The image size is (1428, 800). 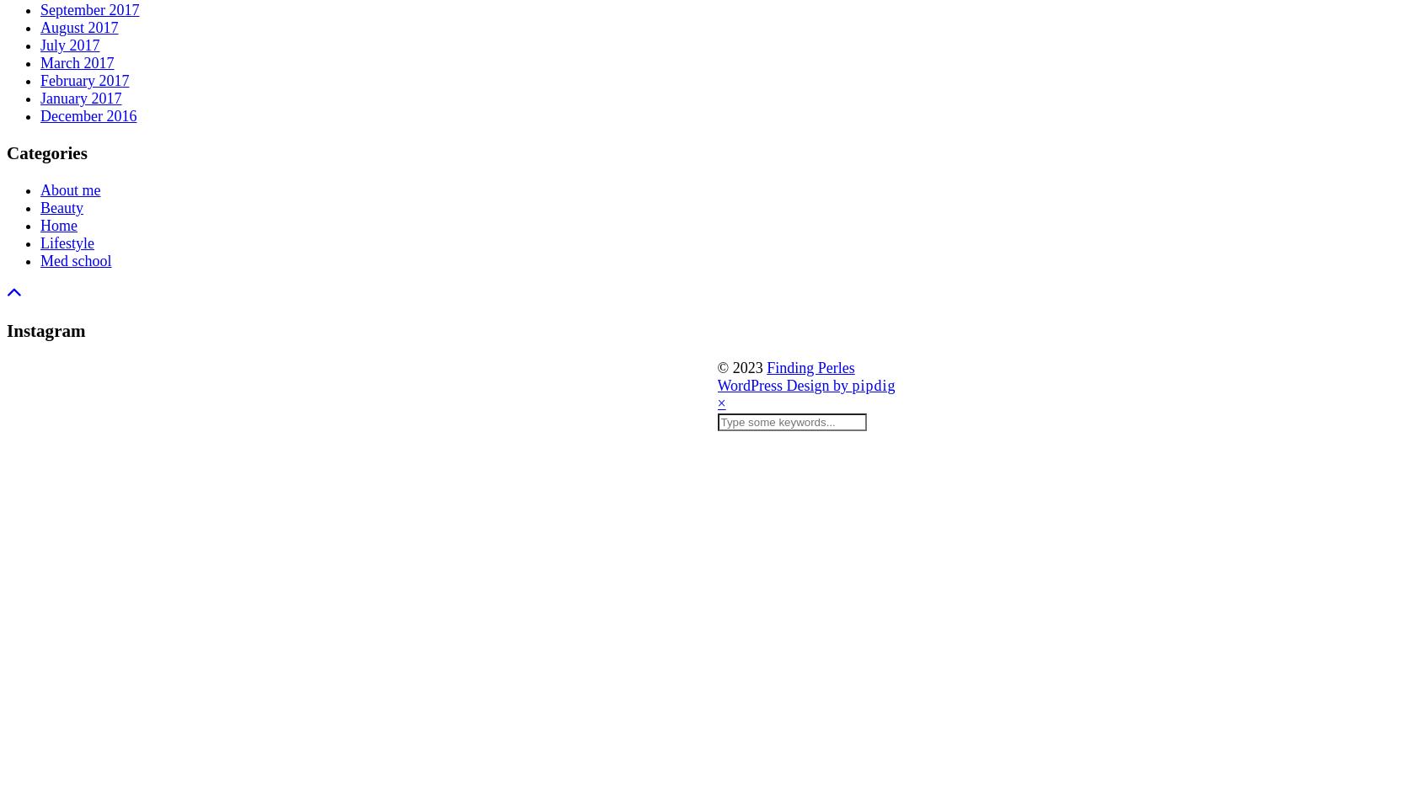 What do you see at coordinates (6, 330) in the screenshot?
I see `'Instagram'` at bounding box center [6, 330].